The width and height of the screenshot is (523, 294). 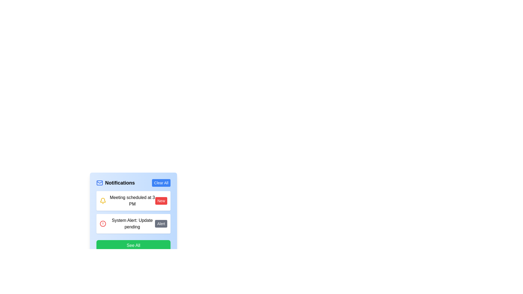 I want to click on the mail icon by clicking on the center of the lower blue rectangle that forms the body of the envelope illustration in the Notifications section, so click(x=99, y=183).